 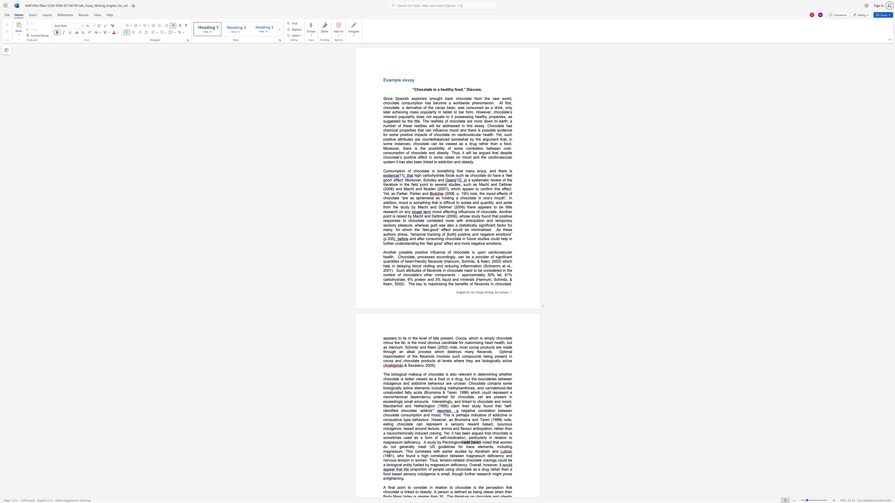 I want to click on the subset text "claim their st" within the text "mood, Macdiarmid and Hetherington (1995) claim their study found that “self-identified chocolate ‘addicts’”", so click(x=451, y=406).